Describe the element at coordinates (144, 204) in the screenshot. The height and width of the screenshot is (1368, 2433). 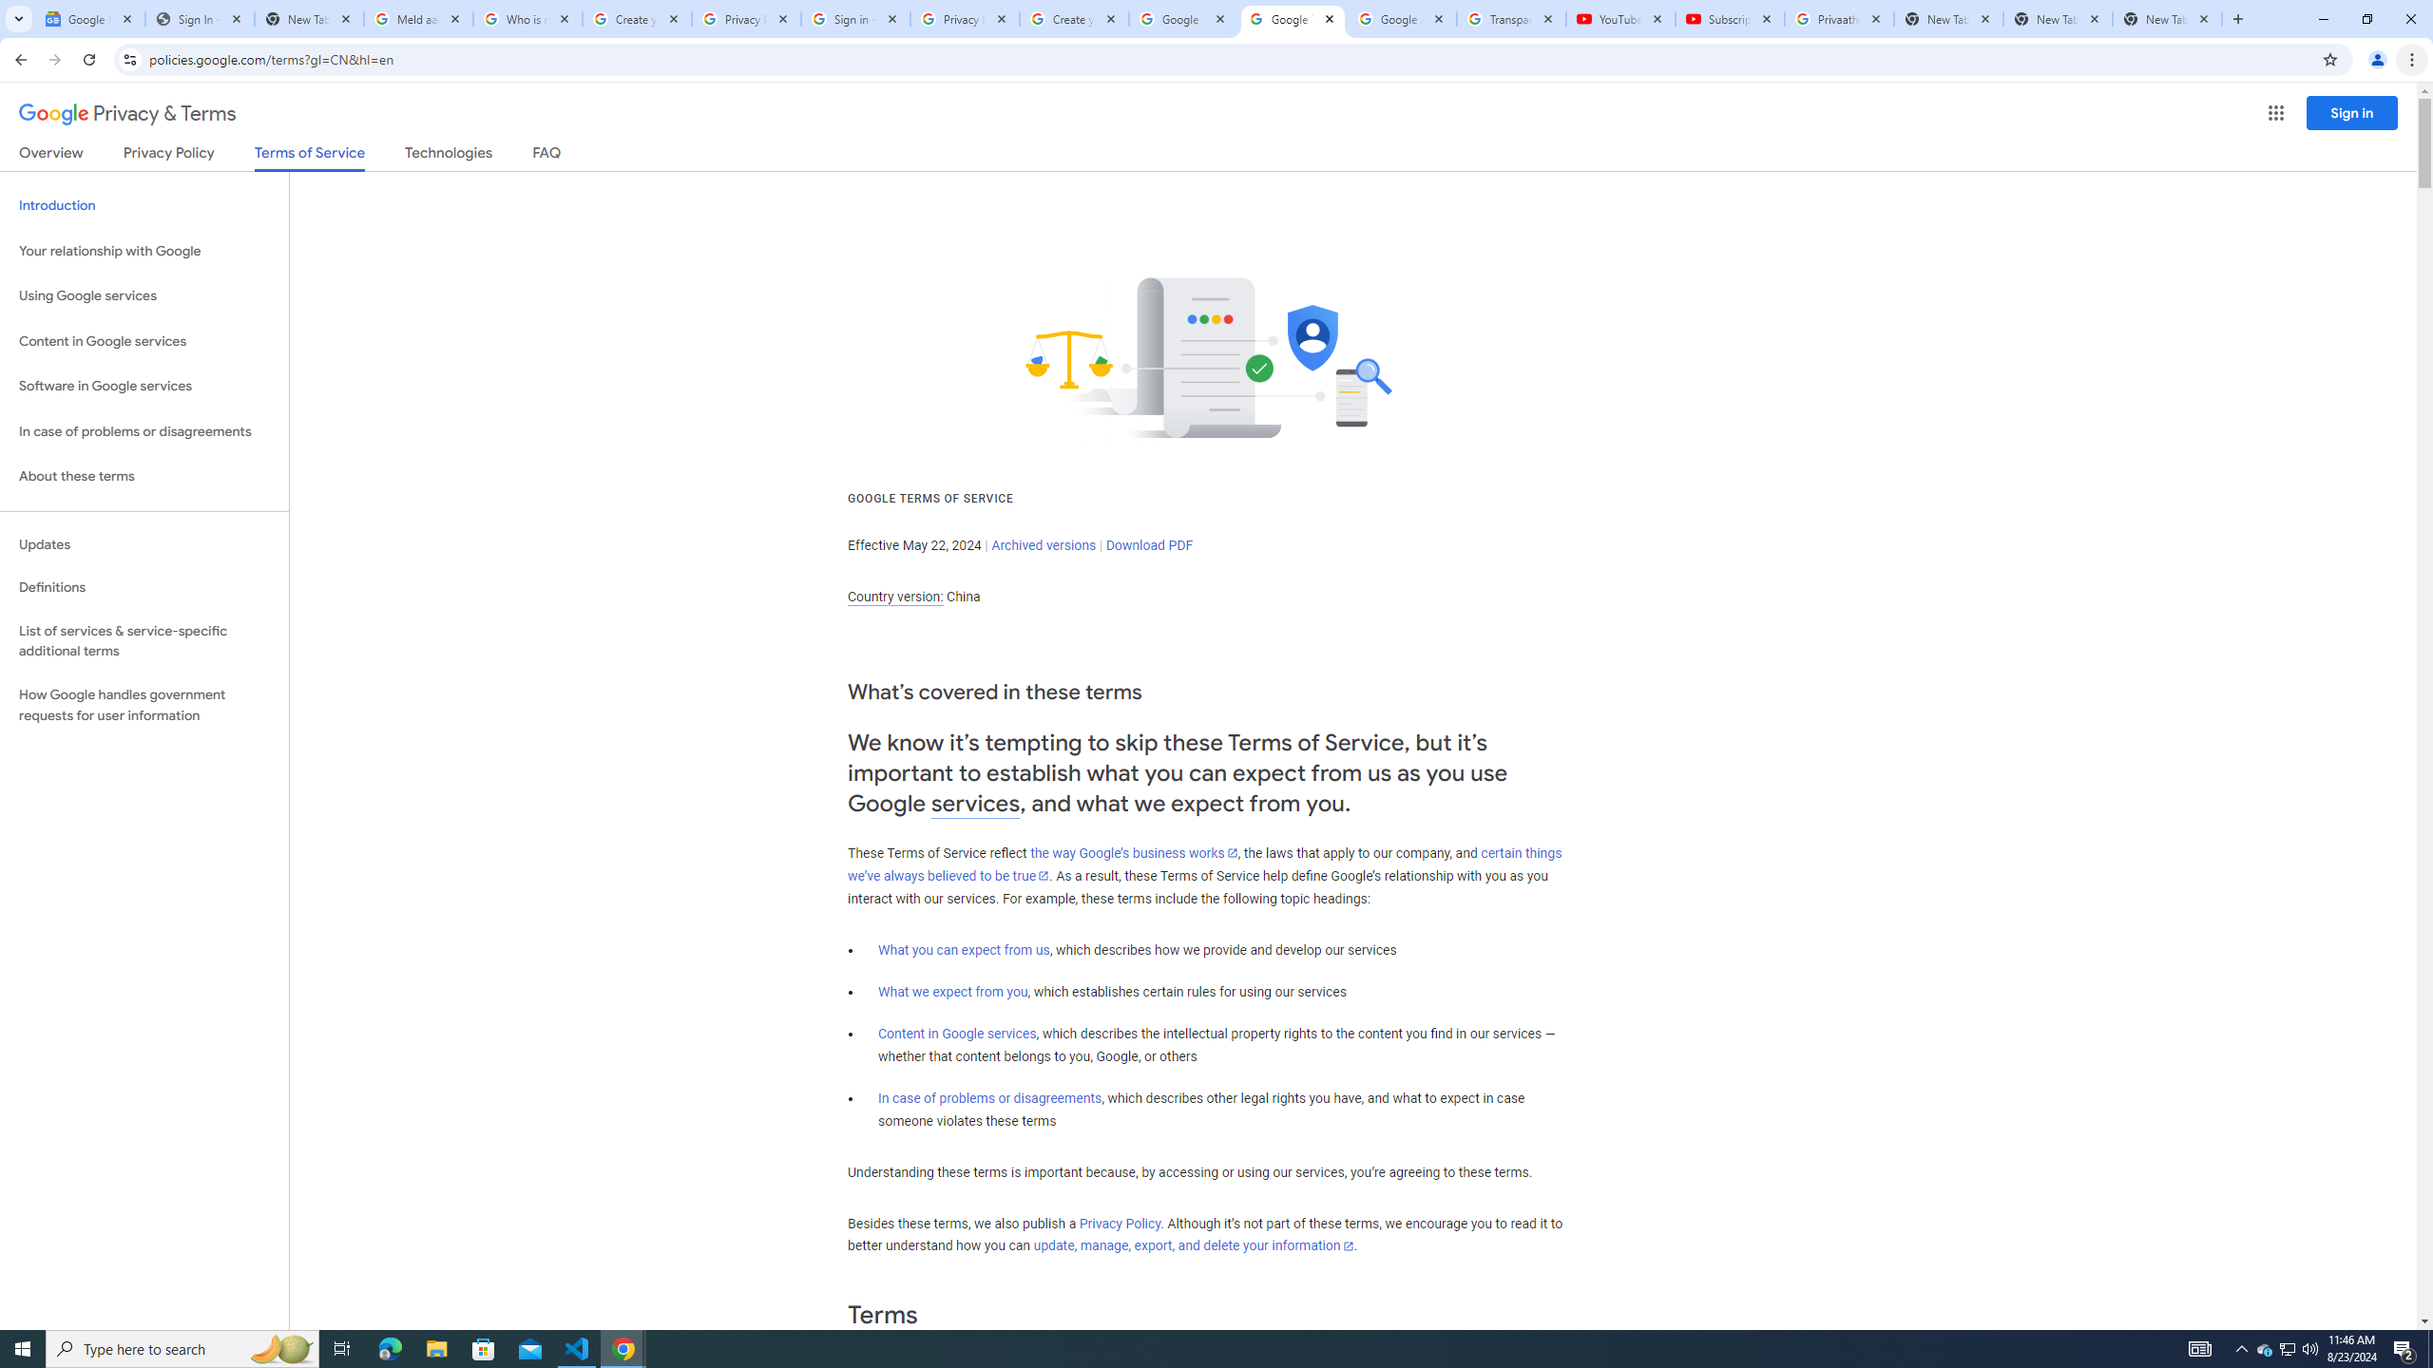
I see `'Introduction'` at that location.